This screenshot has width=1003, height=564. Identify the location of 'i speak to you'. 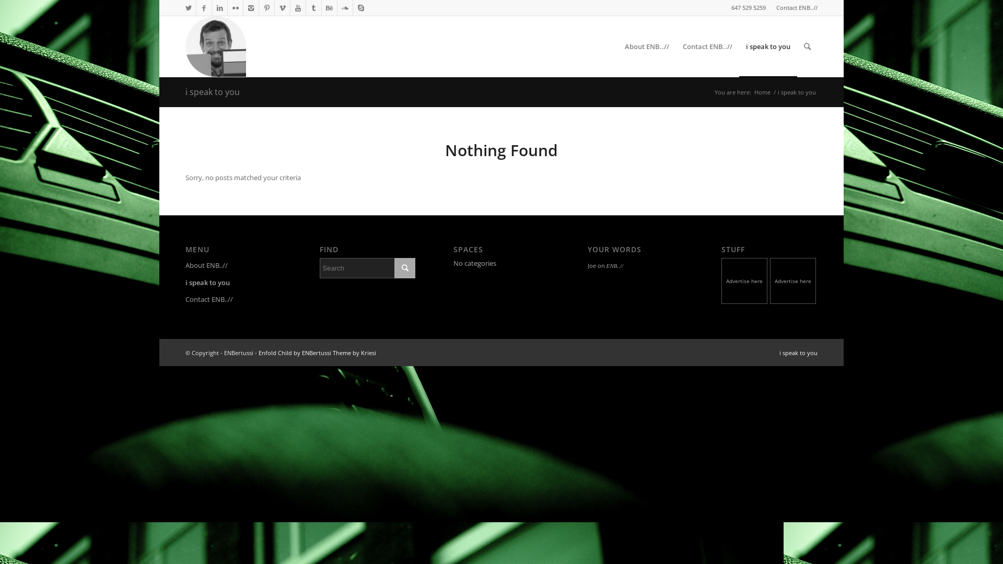
(232, 283).